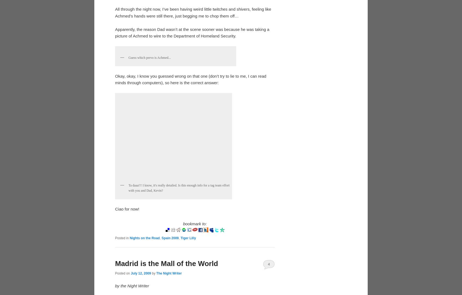 This screenshot has width=462, height=295. What do you see at coordinates (115, 102) in the screenshot?
I see `'All through the night now, I’ve been having weird little twitches and shivers, feeling like Achmed’s hands were still there, just begging me to chop them off…'` at bounding box center [115, 102].